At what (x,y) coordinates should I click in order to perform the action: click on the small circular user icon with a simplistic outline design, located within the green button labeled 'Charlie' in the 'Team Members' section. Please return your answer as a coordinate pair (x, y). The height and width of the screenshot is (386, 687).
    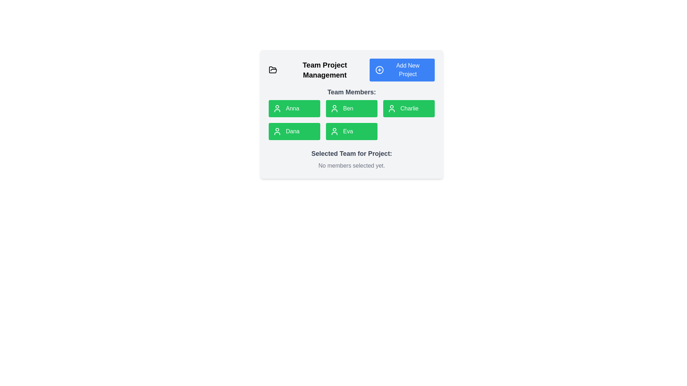
    Looking at the image, I should click on (391, 109).